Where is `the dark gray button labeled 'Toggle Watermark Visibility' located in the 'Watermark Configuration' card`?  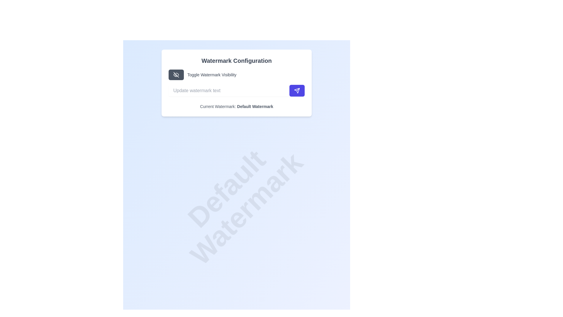
the dark gray button labeled 'Toggle Watermark Visibility' located in the 'Watermark Configuration' card is located at coordinates (236, 74).